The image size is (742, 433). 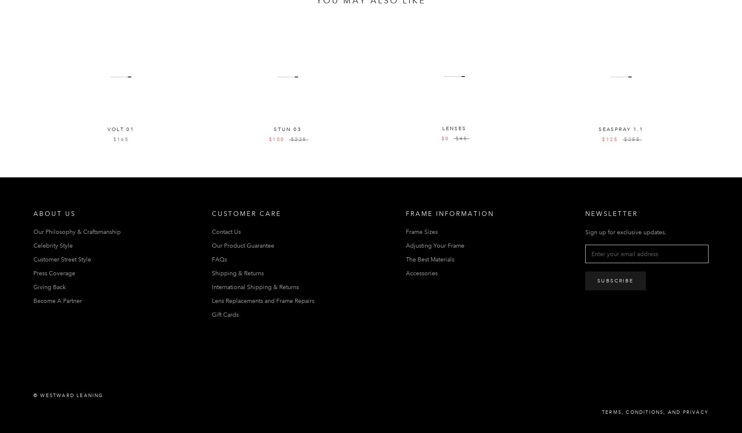 I want to click on 'Accessories', so click(x=421, y=272).